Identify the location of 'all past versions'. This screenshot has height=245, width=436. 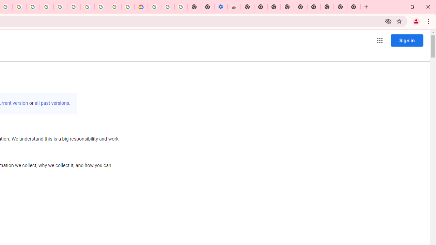
(51, 103).